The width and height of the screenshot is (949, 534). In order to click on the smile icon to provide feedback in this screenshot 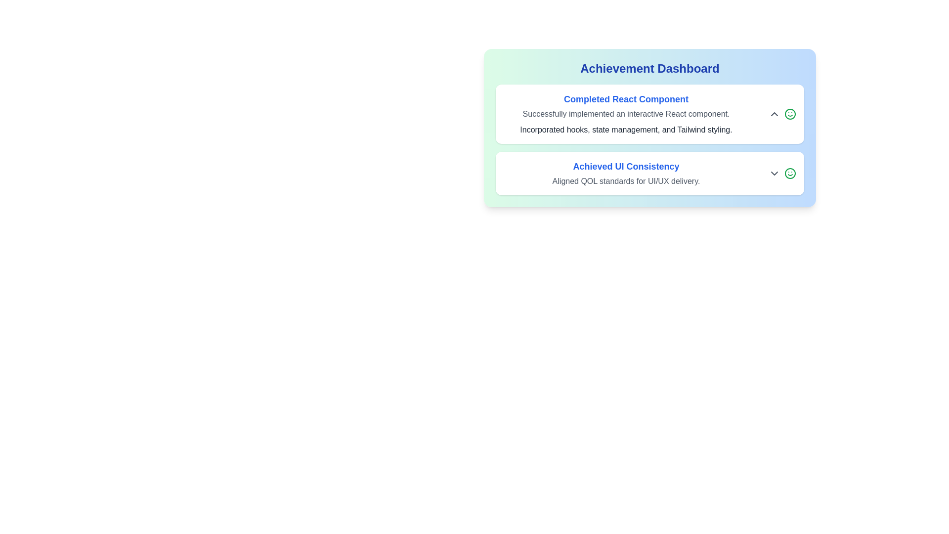, I will do `click(789, 114)`.